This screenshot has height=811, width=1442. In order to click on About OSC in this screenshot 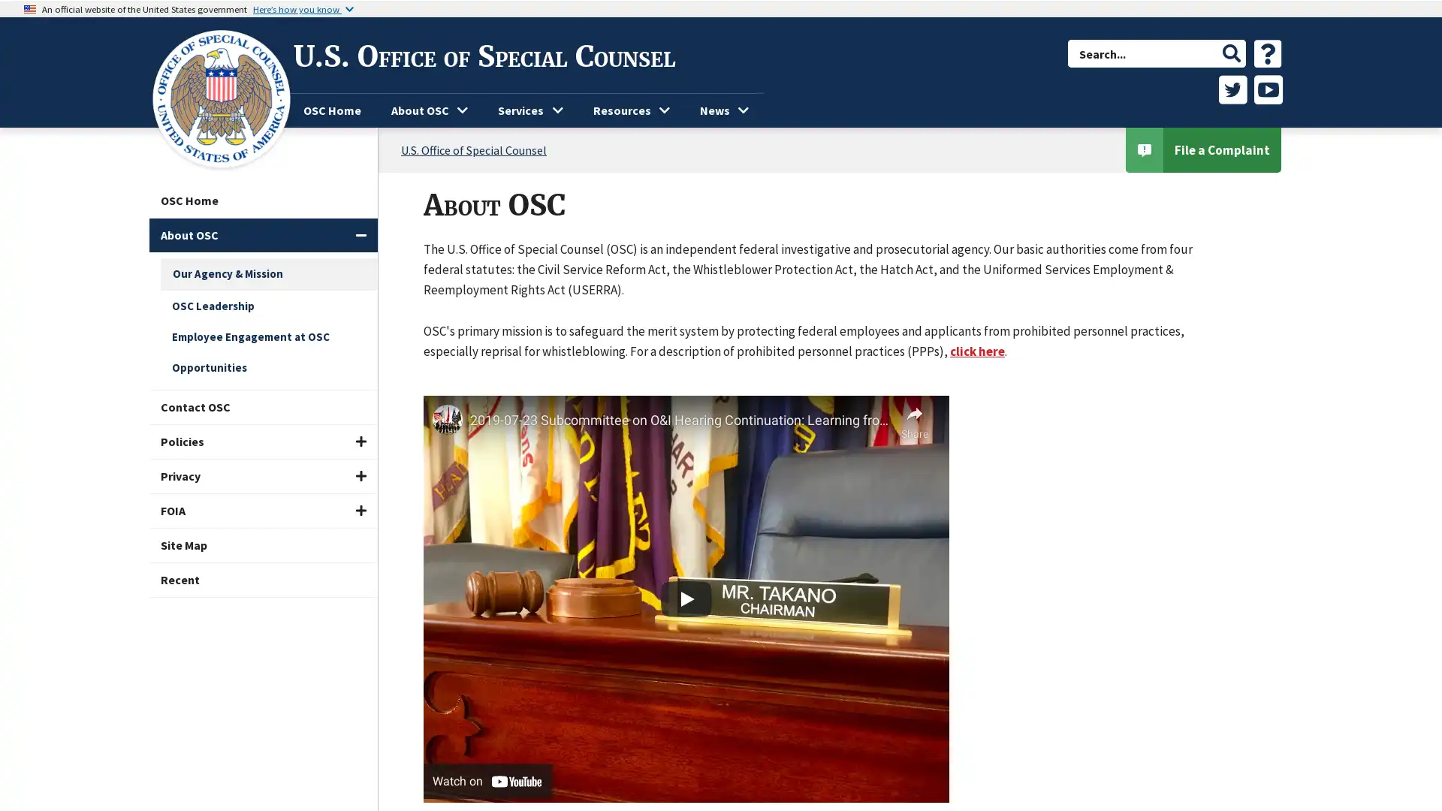, I will do `click(428, 110)`.